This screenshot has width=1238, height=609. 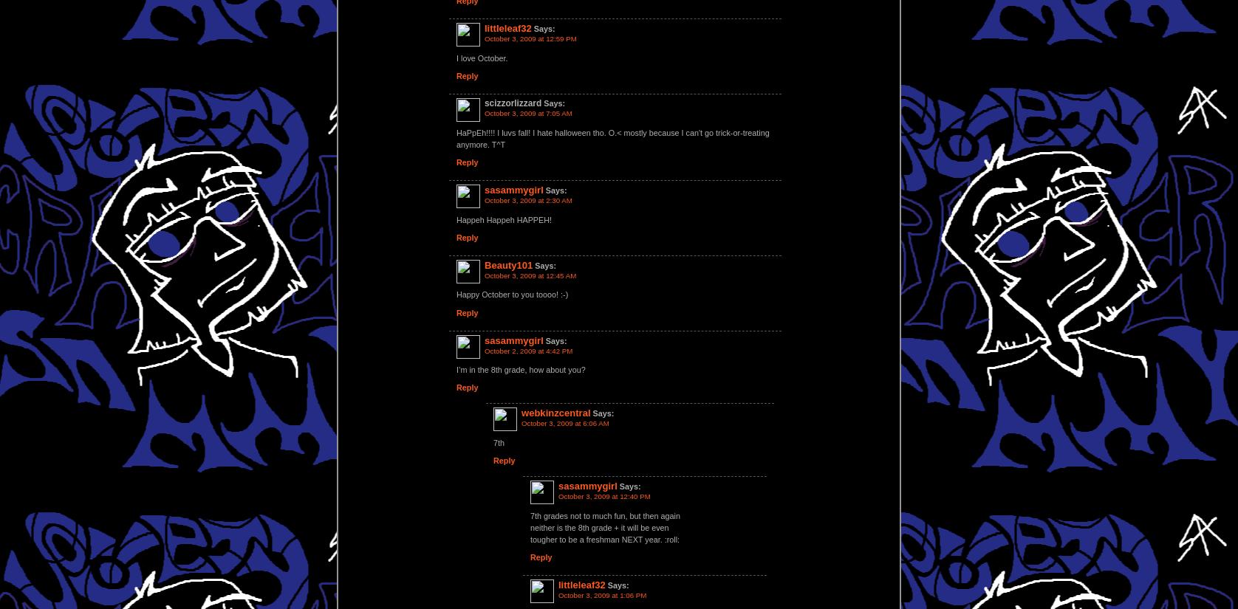 I want to click on 'October 3, 2009 at 2:30 AM', so click(x=483, y=199).